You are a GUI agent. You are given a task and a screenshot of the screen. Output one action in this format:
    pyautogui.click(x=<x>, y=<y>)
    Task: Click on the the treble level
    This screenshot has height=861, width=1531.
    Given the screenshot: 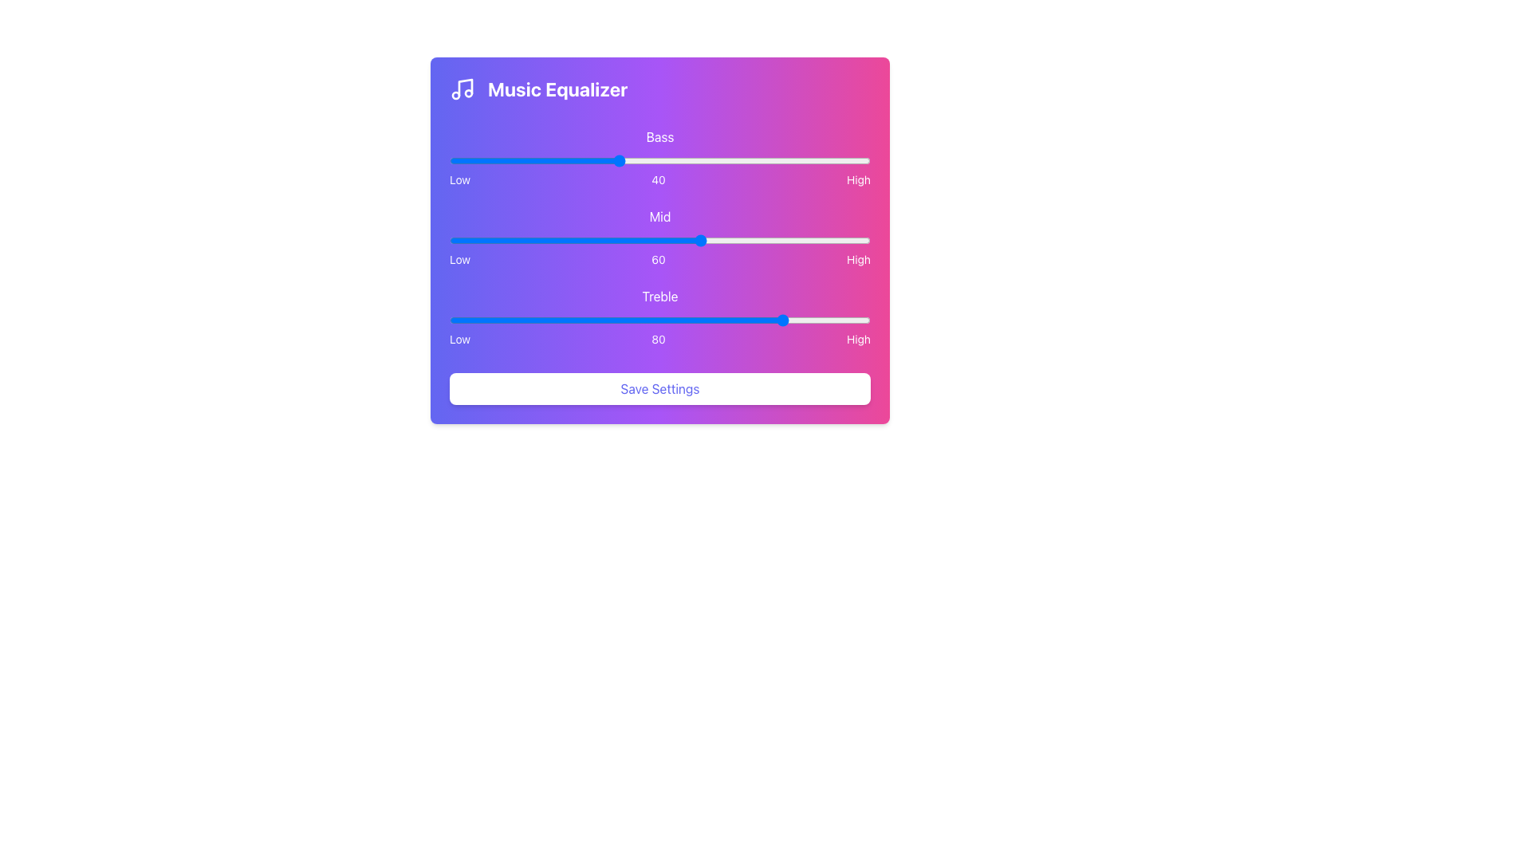 What is the action you would take?
    pyautogui.click(x=777, y=320)
    